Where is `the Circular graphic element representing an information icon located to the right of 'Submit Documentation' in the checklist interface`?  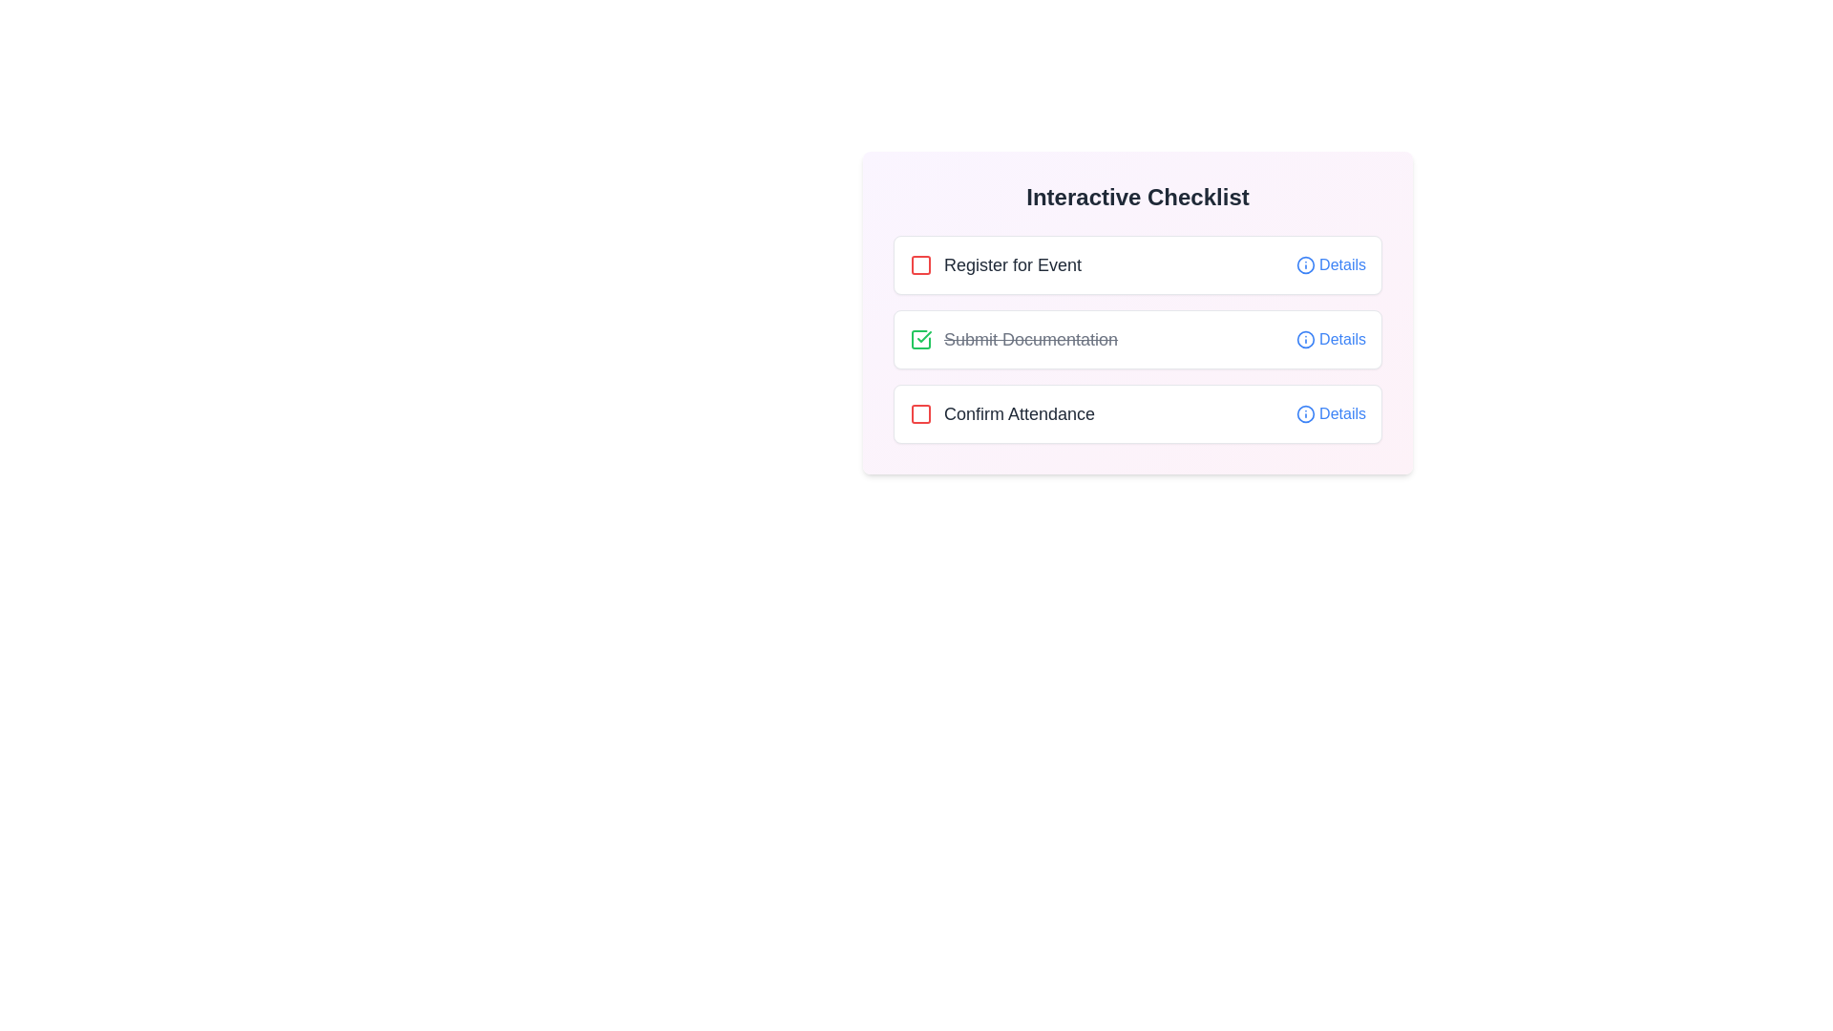
the Circular graphic element representing an information icon located to the right of 'Submit Documentation' in the checklist interface is located at coordinates (1305, 338).